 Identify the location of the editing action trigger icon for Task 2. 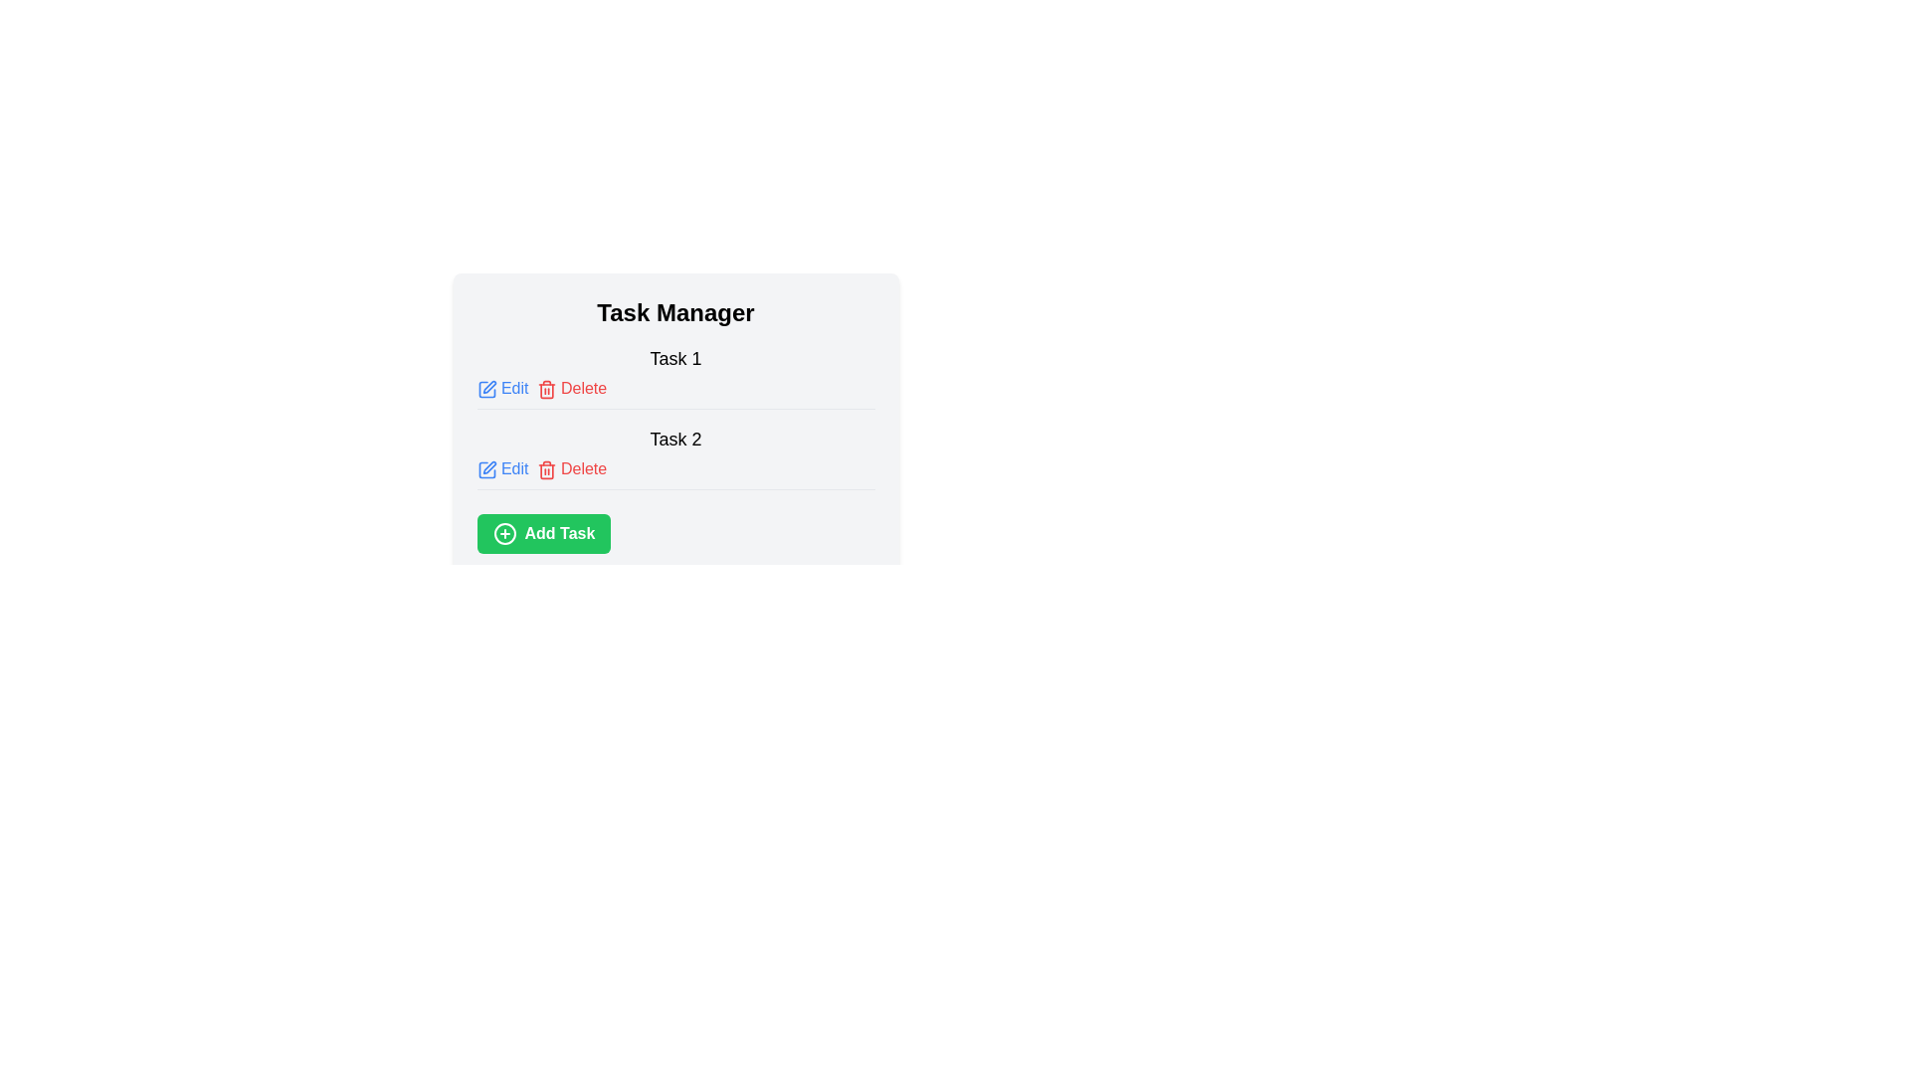
(488, 467).